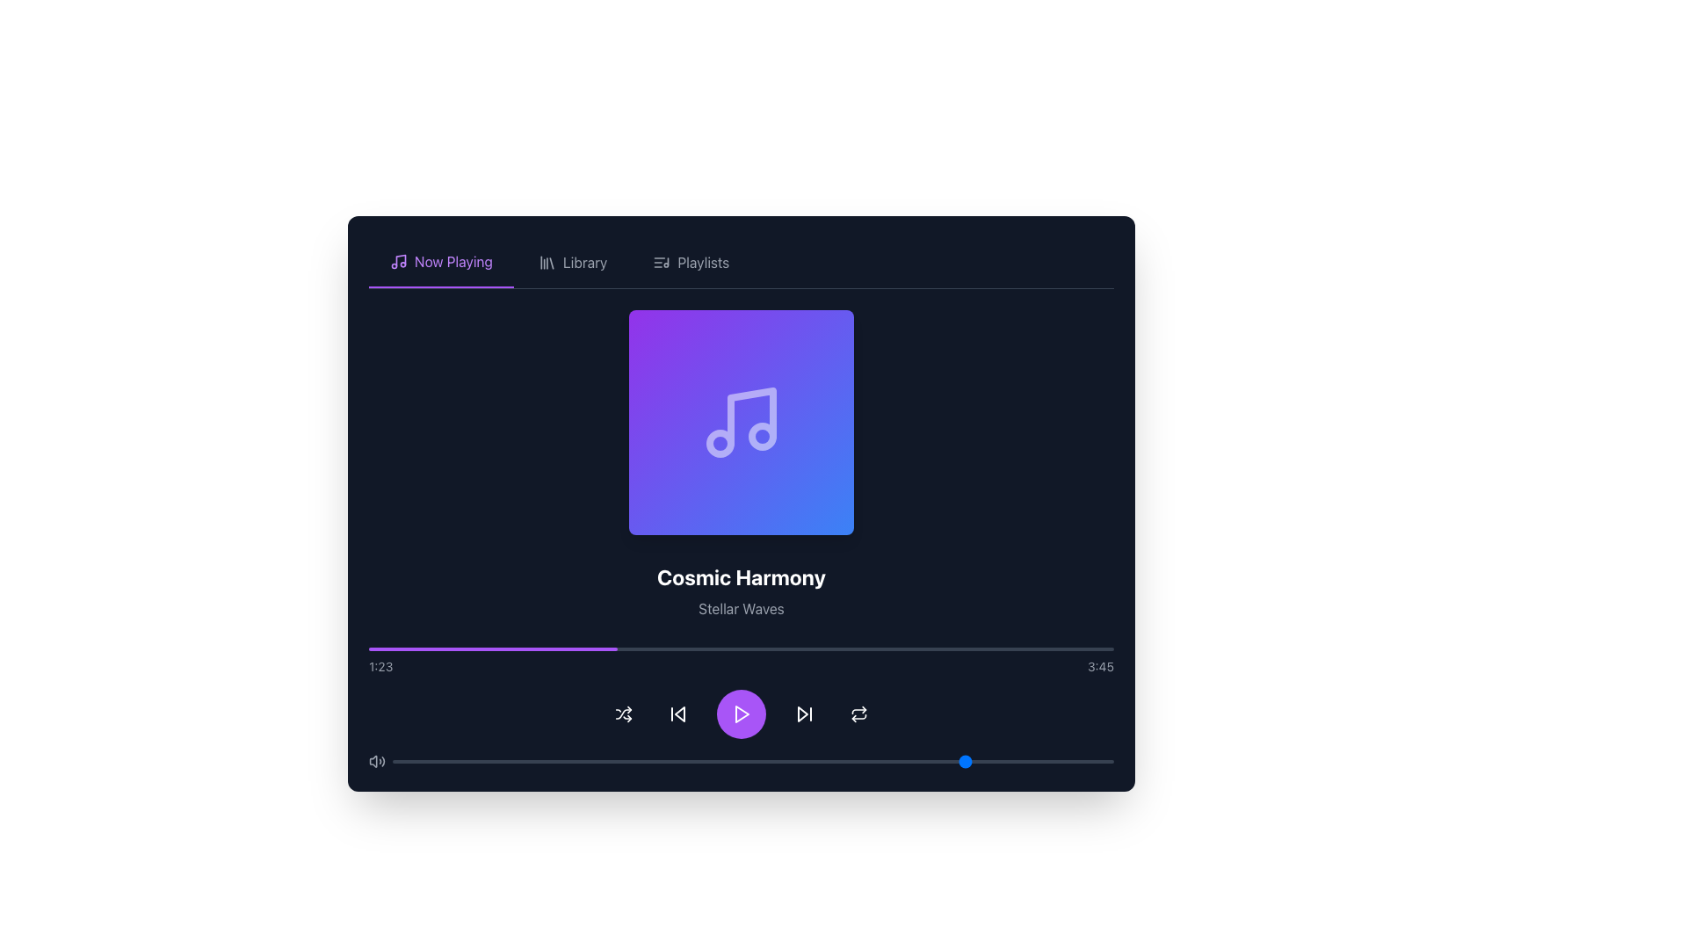 The width and height of the screenshot is (1687, 949). What do you see at coordinates (623, 761) in the screenshot?
I see `the slider` at bounding box center [623, 761].